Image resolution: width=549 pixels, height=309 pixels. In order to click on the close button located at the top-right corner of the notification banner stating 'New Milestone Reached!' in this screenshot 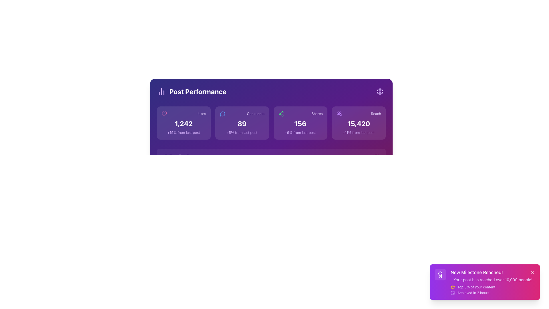, I will do `click(532, 272)`.